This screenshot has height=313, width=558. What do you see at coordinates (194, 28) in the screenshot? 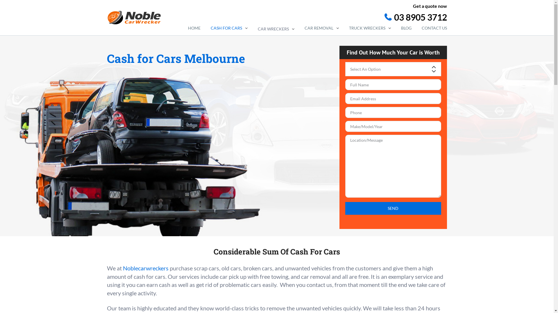
I see `'HOME'` at bounding box center [194, 28].